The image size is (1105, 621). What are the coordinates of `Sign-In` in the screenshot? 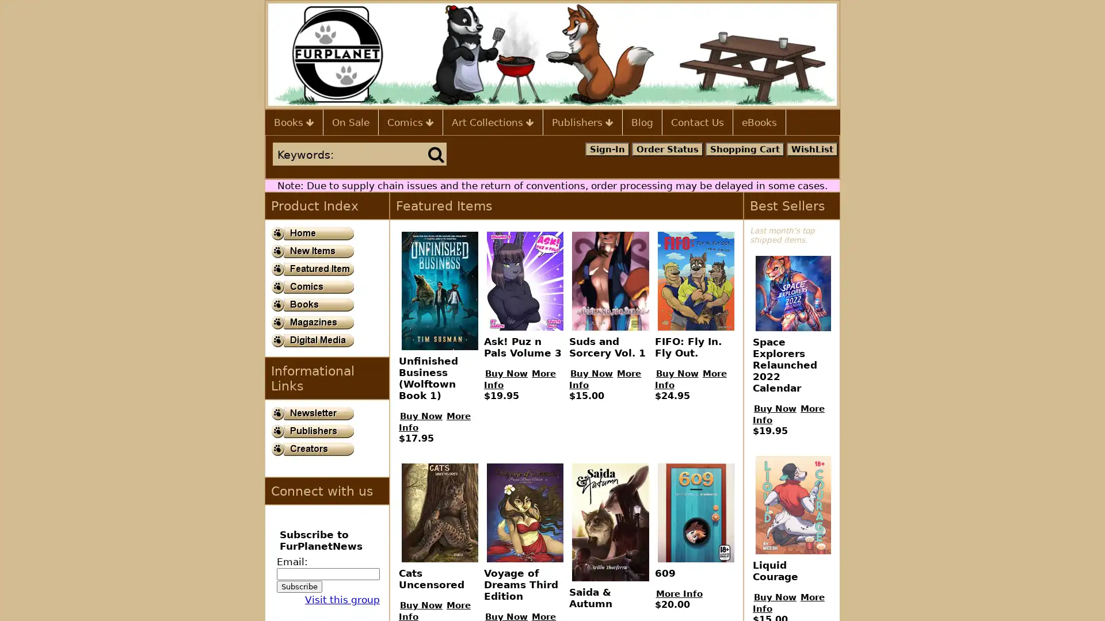 It's located at (607, 148).